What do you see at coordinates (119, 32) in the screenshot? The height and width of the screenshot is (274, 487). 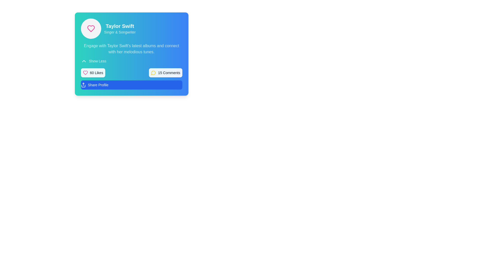 I see `text label that describes the role or profession of 'Taylor Swift', located below her name in the card-like interface` at bounding box center [119, 32].